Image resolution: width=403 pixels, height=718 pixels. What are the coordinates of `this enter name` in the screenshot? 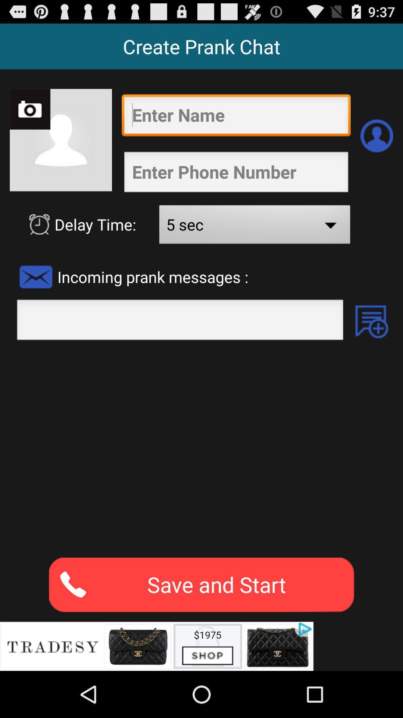 It's located at (236, 117).